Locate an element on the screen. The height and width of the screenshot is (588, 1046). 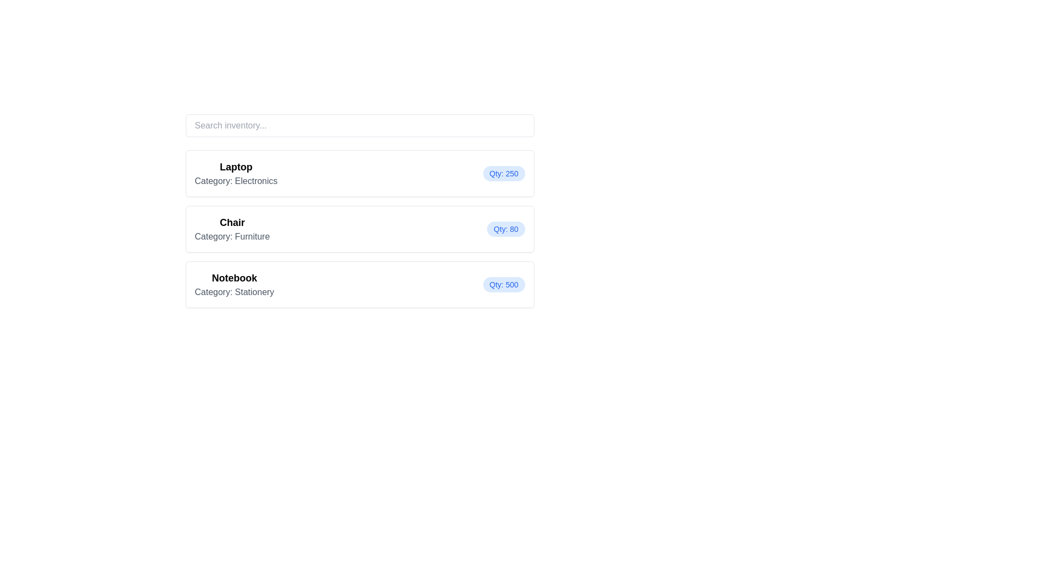
the pill-shaped badge displaying 'Qty: 500' with a blue background, positioned to the right of the 'Notebook' title and vertically centered is located at coordinates (503, 284).